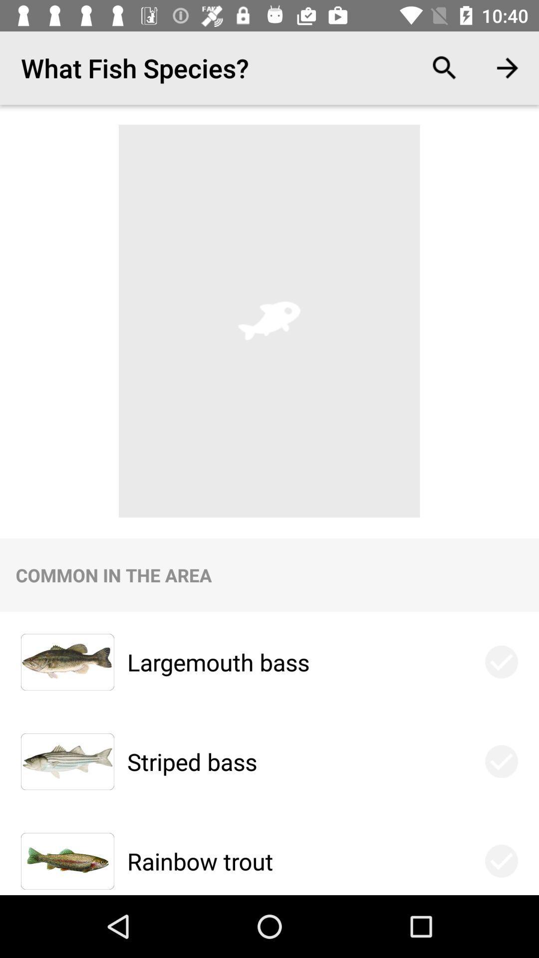 Image resolution: width=539 pixels, height=958 pixels. What do you see at coordinates (444, 67) in the screenshot?
I see `item above the largemouth bass icon` at bounding box center [444, 67].